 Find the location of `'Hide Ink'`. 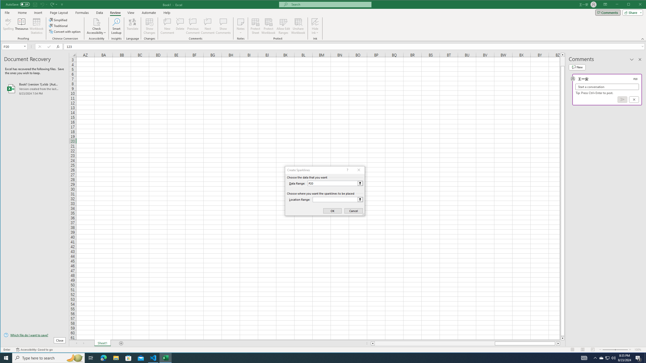

'Hide Ink' is located at coordinates (315, 26).